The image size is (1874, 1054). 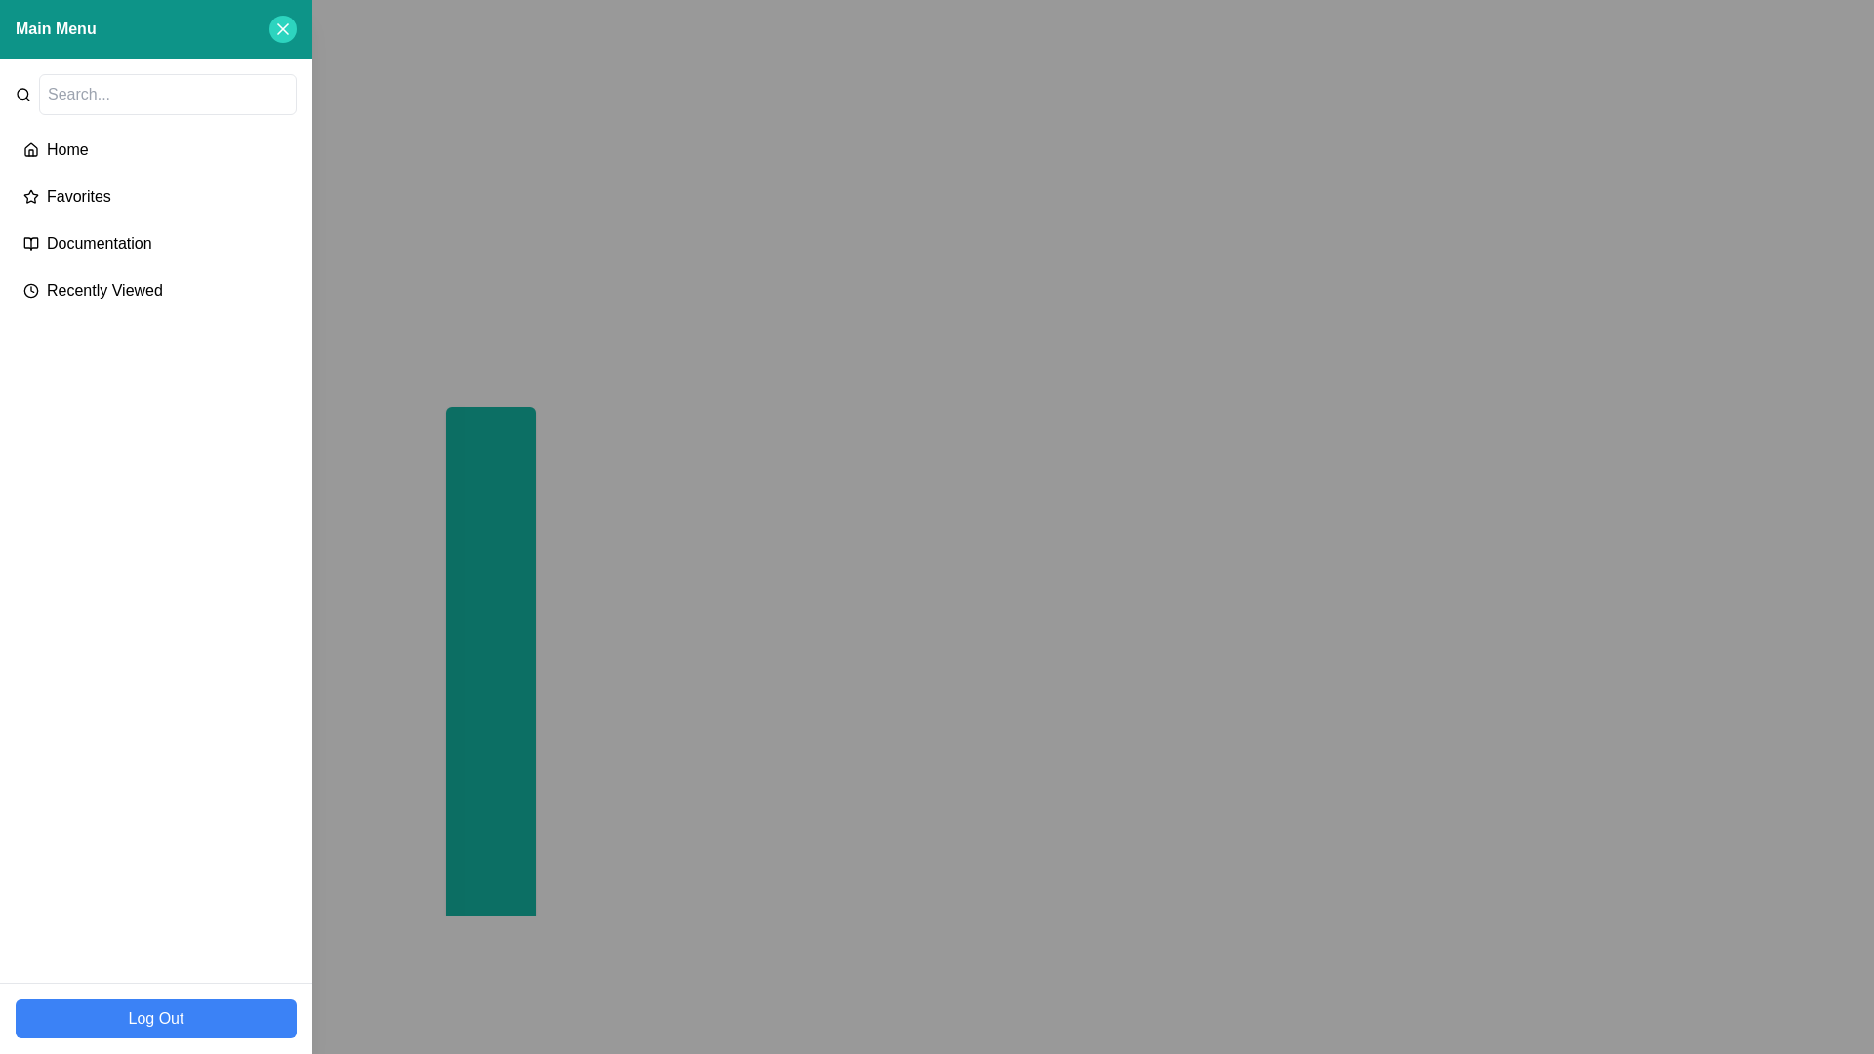 I want to click on the 'Home' icon in the navigation menu, which is an SVG graphic located near the top left of the user interface, adjacent to the text label 'Home', so click(x=31, y=148).